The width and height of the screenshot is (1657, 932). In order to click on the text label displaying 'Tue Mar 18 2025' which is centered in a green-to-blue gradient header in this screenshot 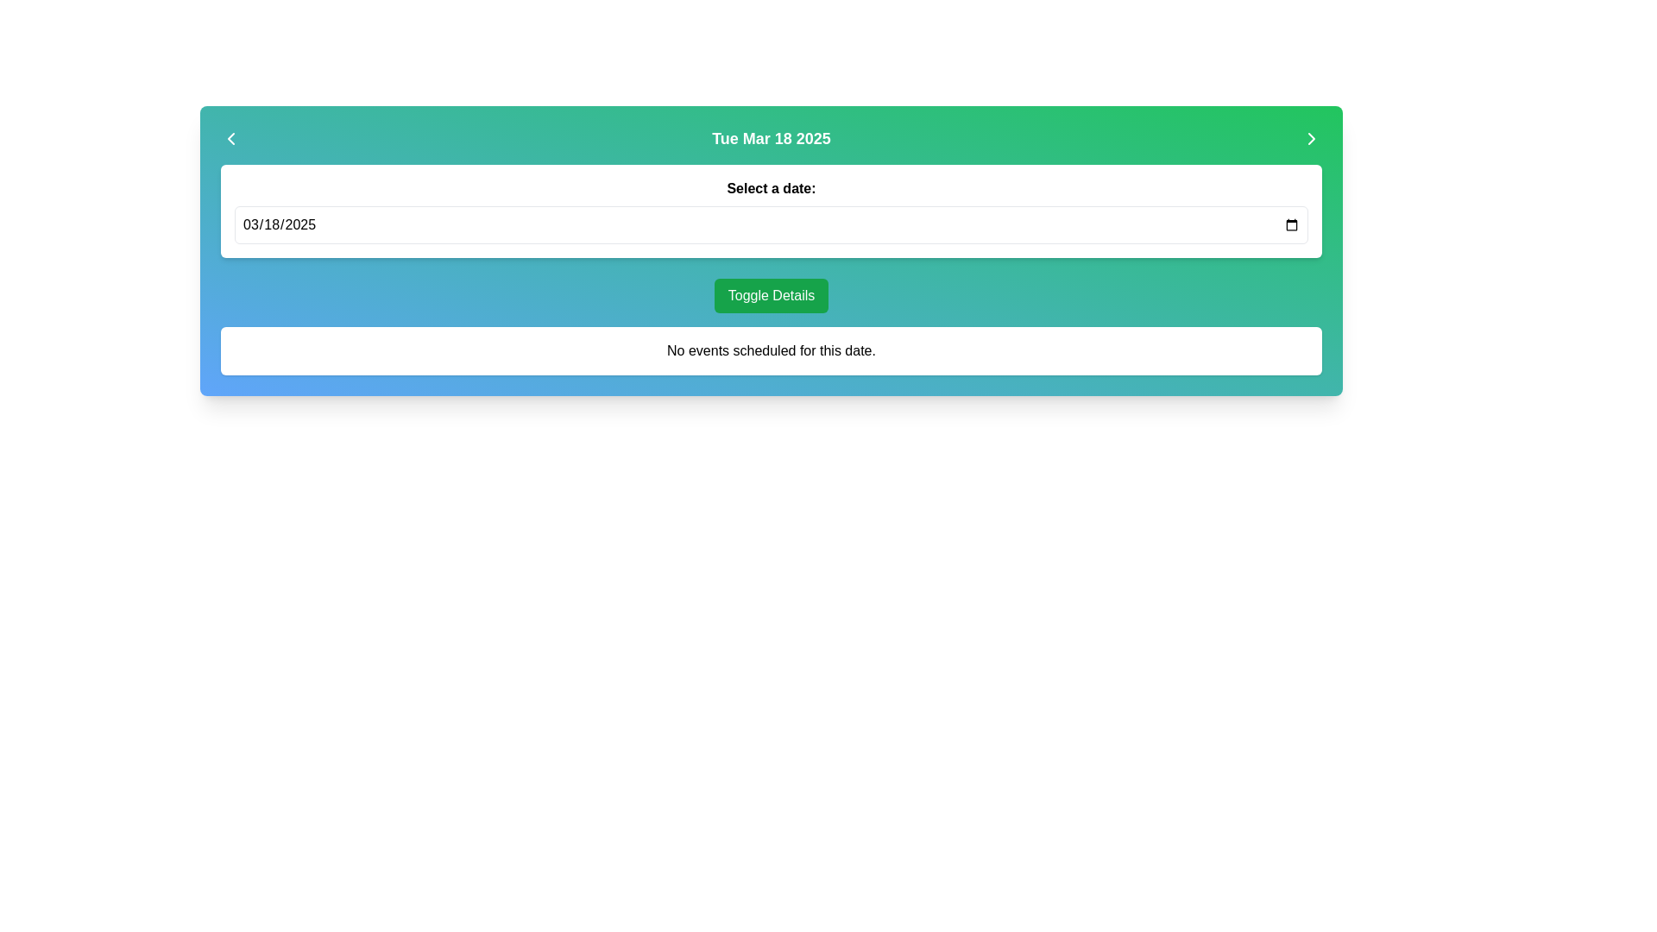, I will do `click(770, 138)`.